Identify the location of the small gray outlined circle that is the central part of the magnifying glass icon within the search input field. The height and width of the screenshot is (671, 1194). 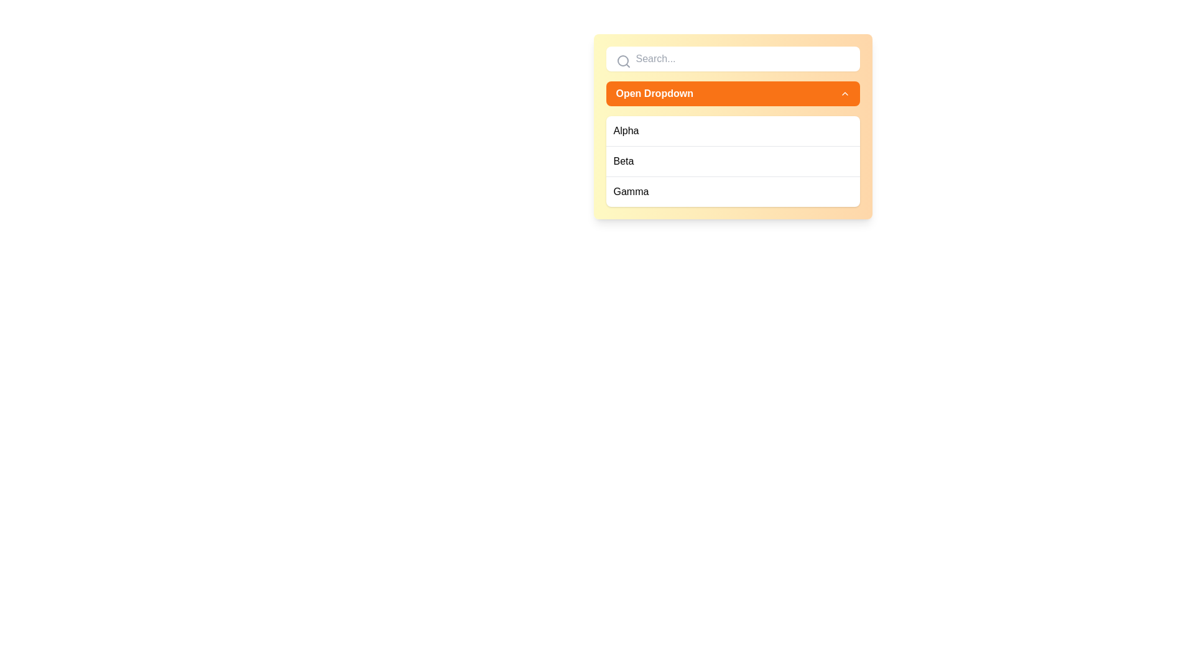
(622, 60).